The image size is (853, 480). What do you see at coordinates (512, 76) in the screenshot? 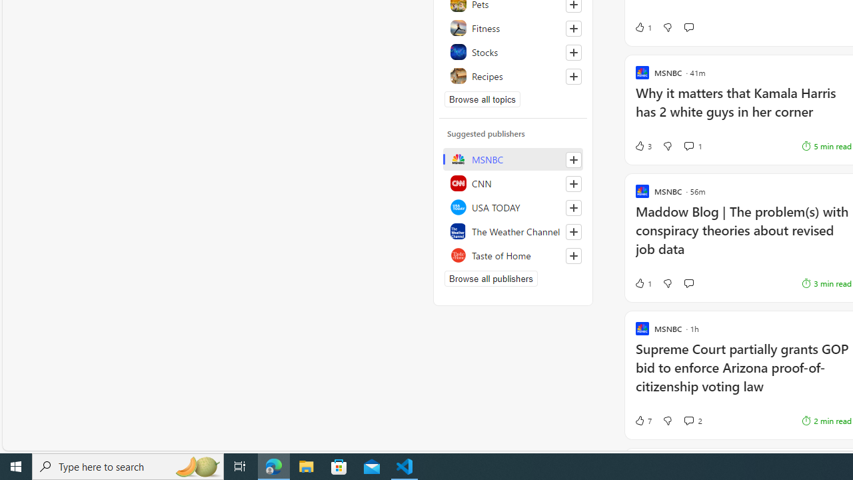
I see `'Recipes'` at bounding box center [512, 76].